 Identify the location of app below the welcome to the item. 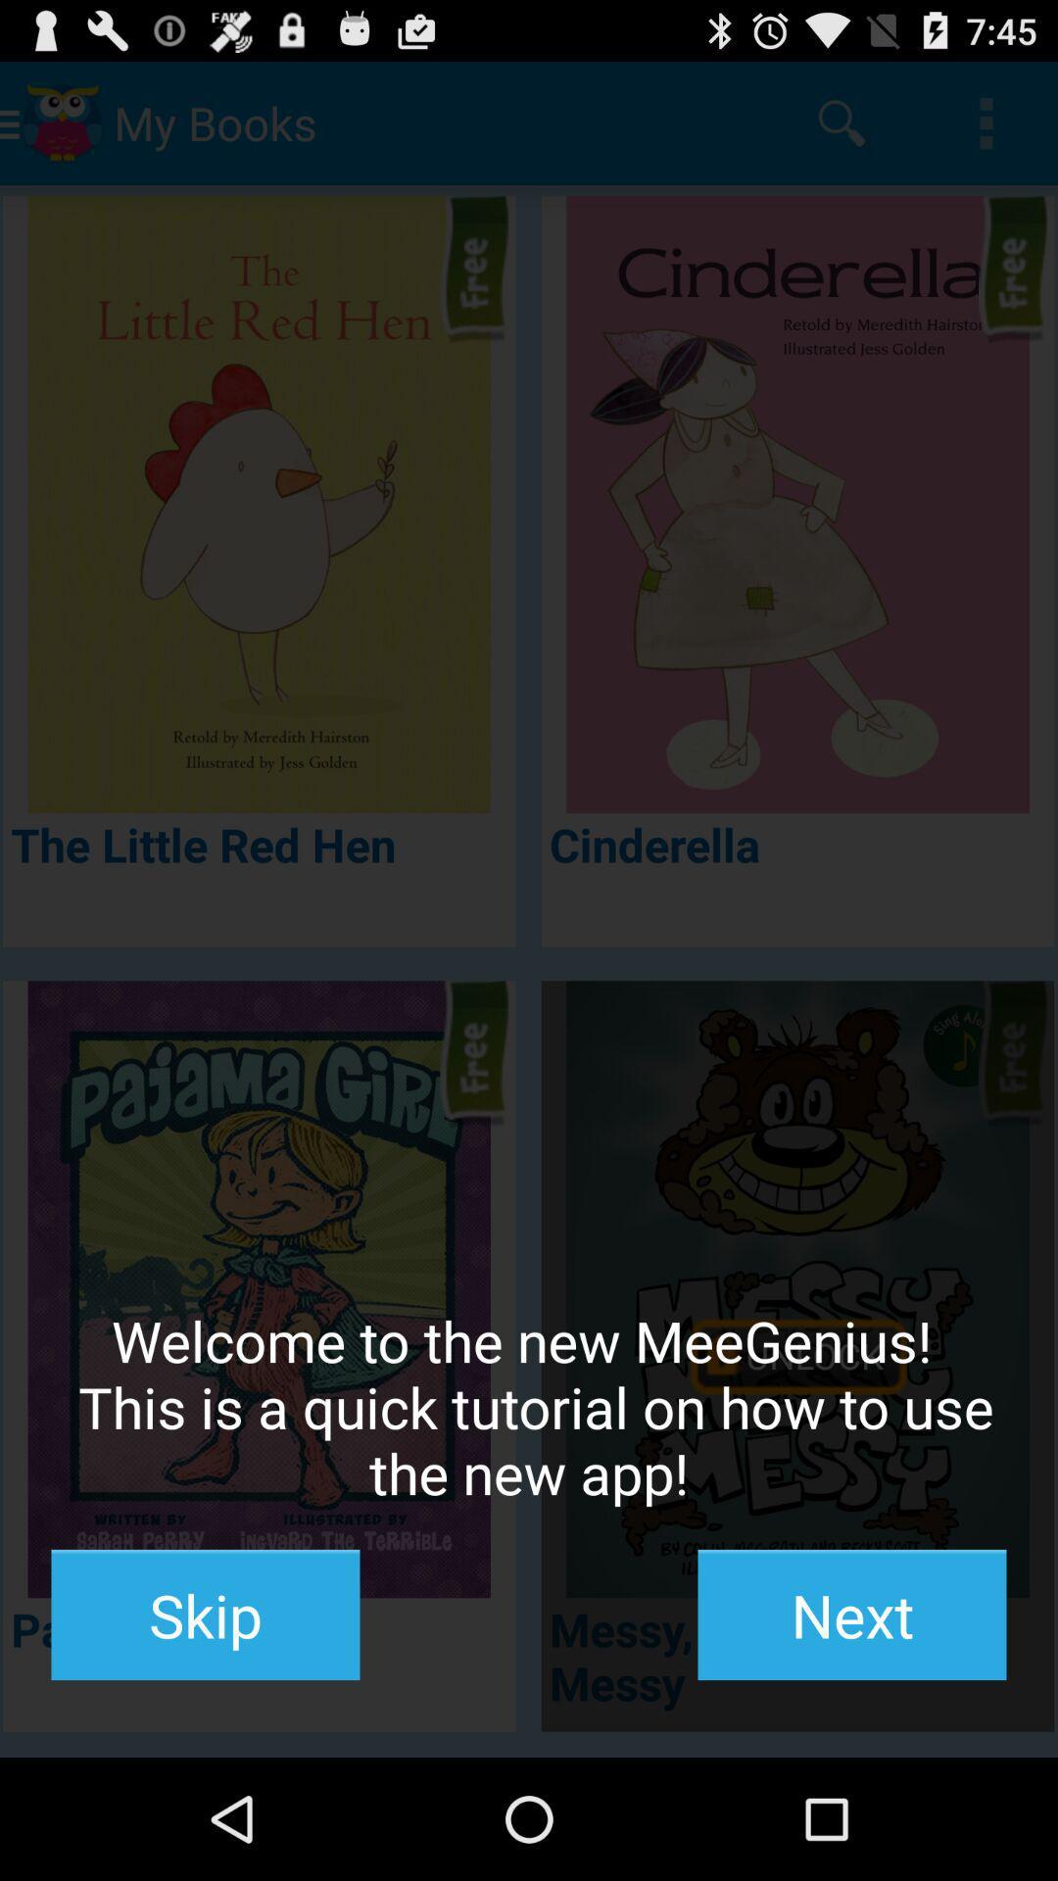
(205, 1615).